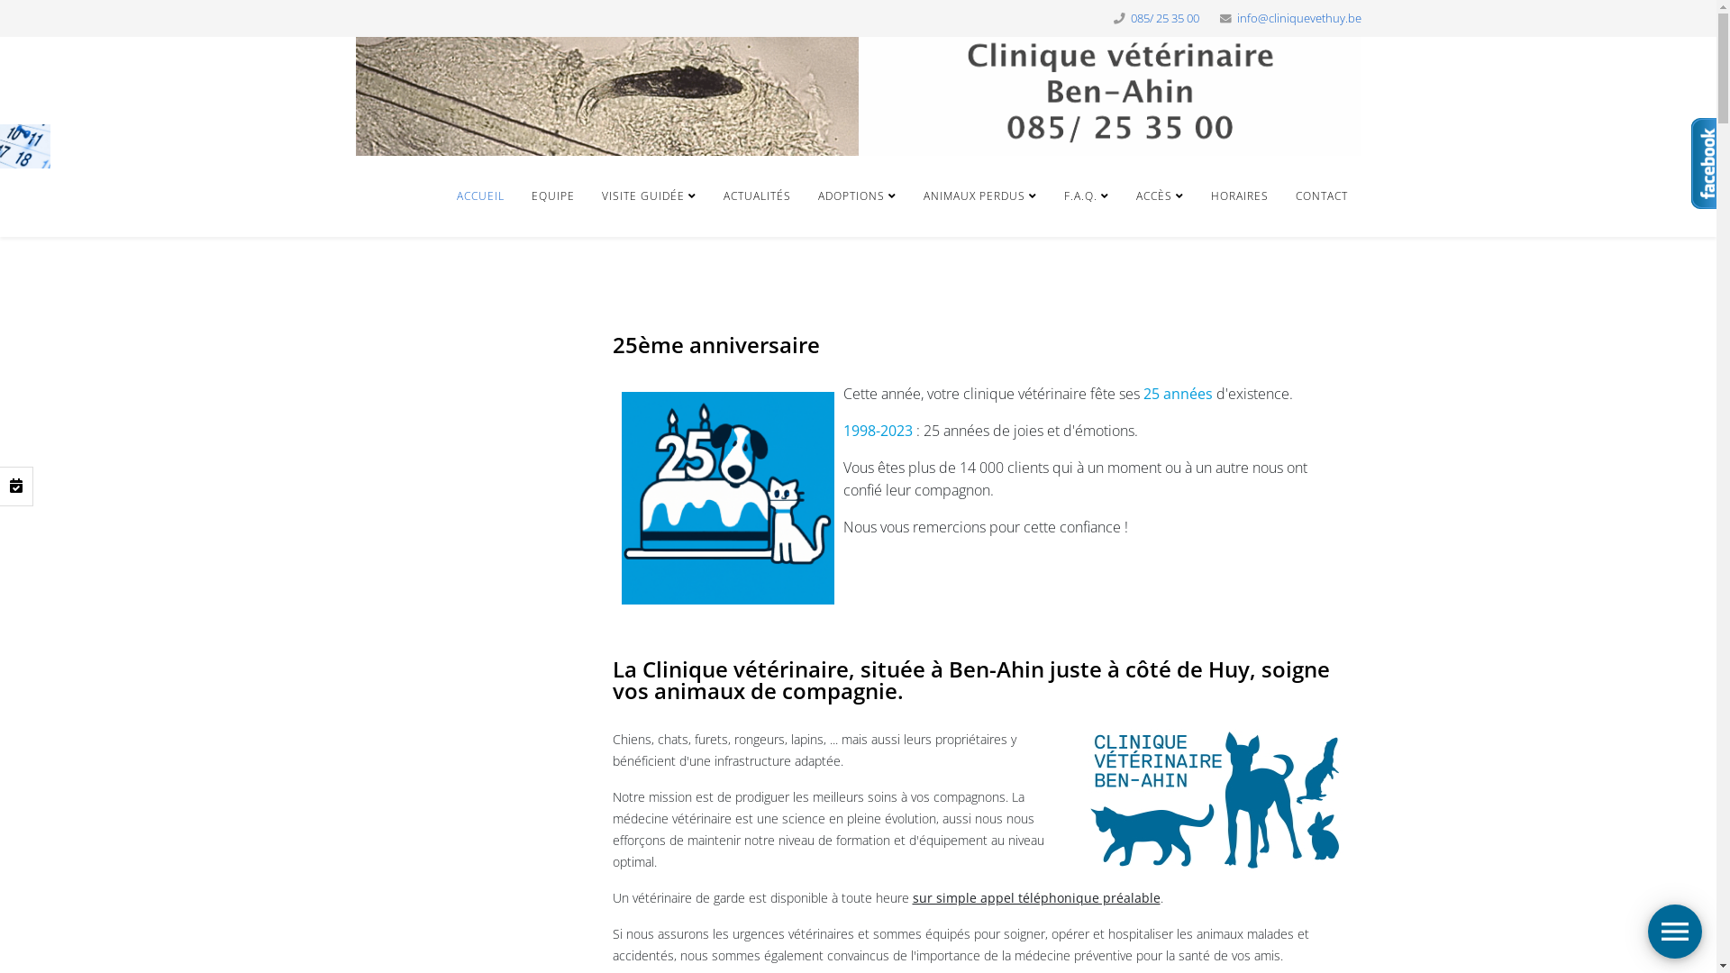 This screenshot has height=973, width=1730. What do you see at coordinates (1051, 196) in the screenshot?
I see `'F.A.Q.'` at bounding box center [1051, 196].